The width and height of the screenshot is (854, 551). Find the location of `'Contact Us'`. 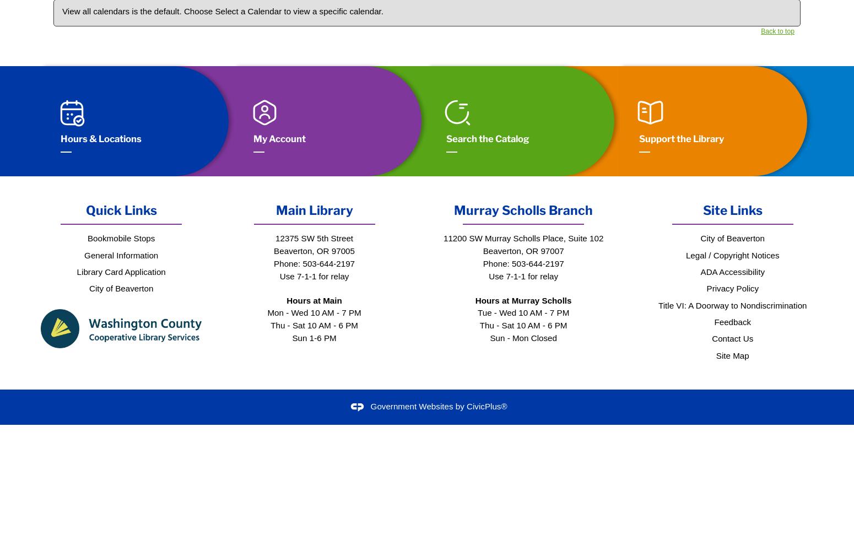

'Contact Us' is located at coordinates (732, 338).